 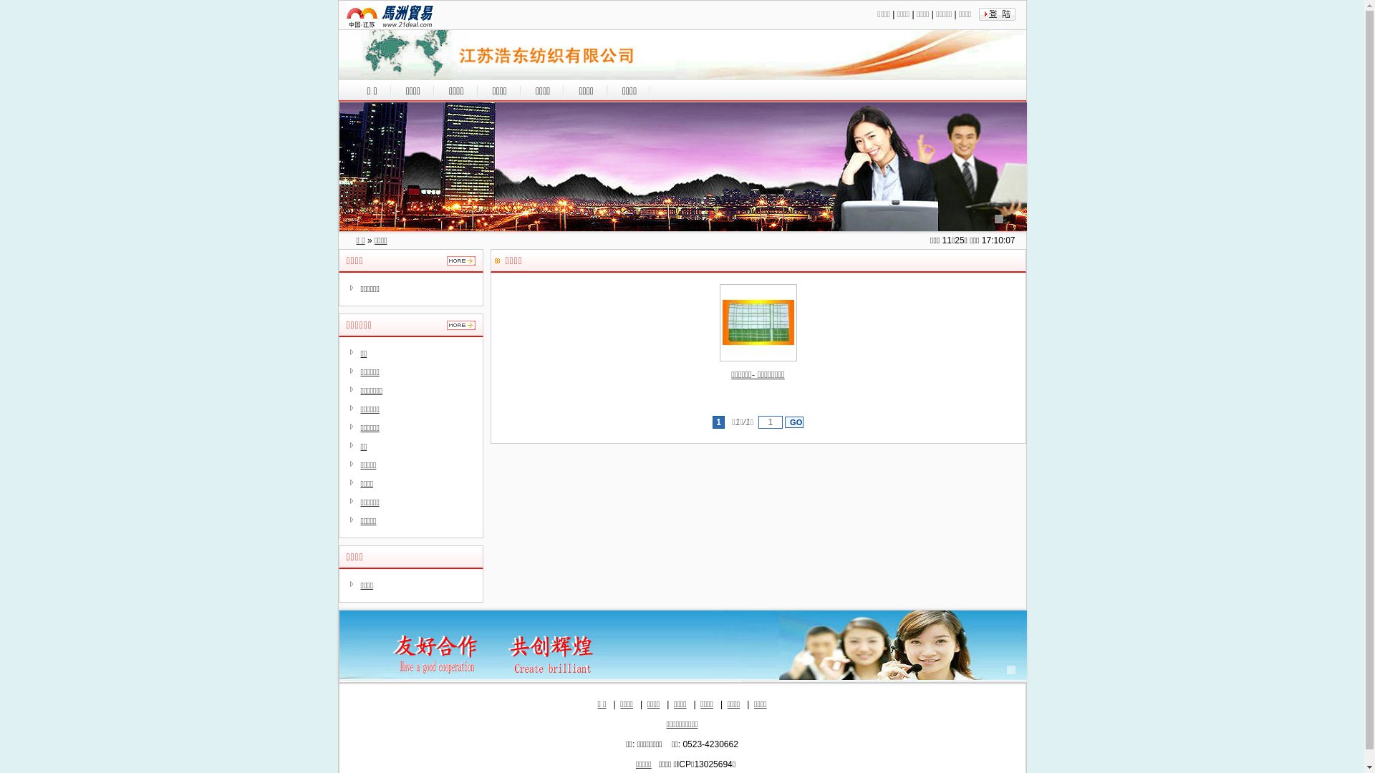 I want to click on 'GO', so click(x=783, y=422).